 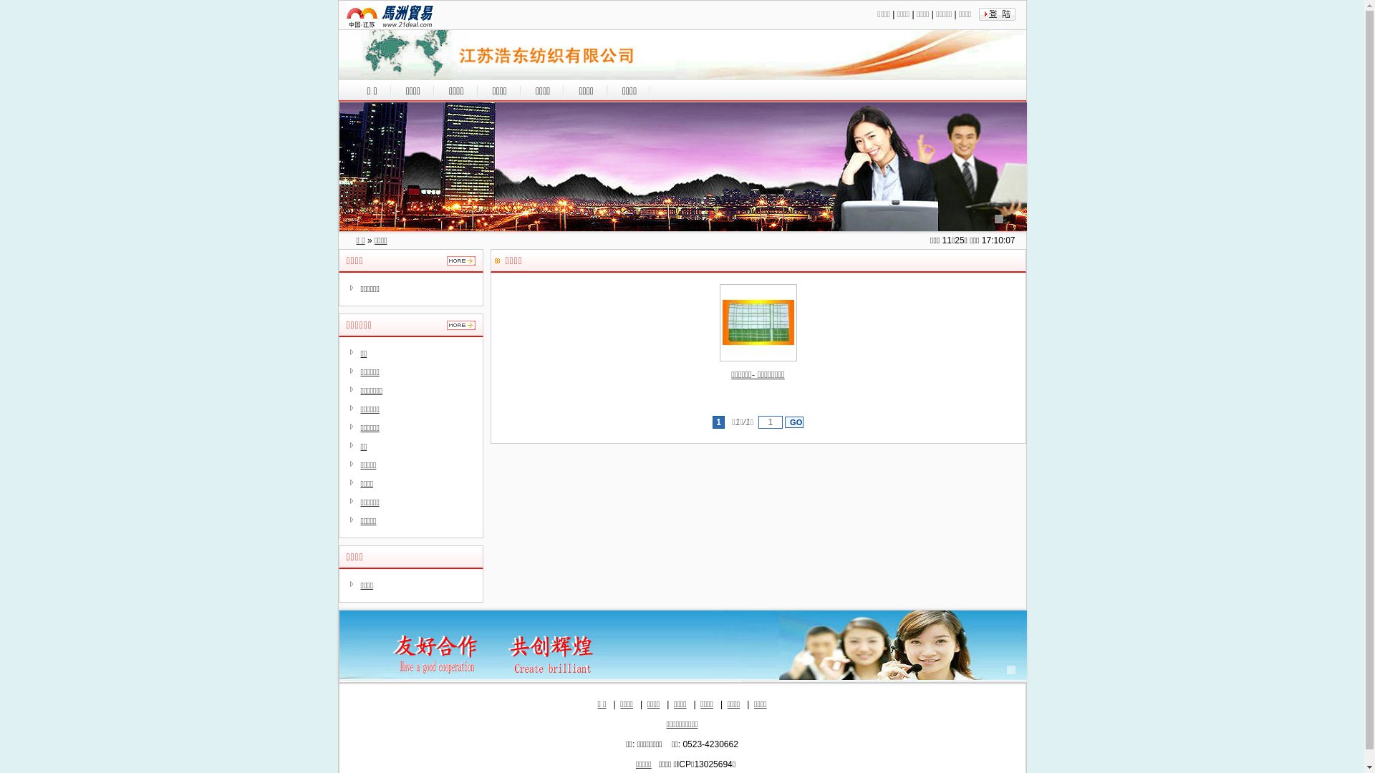 I want to click on 'GO', so click(x=783, y=422).